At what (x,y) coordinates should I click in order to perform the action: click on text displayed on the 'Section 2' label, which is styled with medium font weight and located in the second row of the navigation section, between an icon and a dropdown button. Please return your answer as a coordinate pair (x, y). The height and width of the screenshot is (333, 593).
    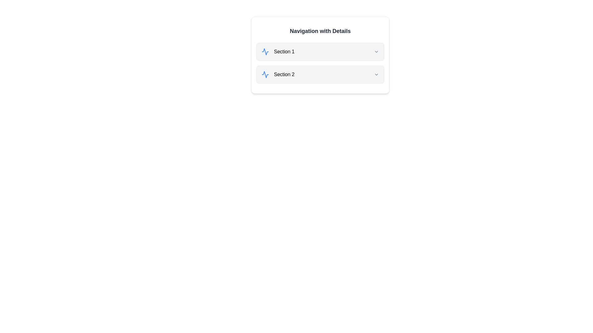
    Looking at the image, I should click on (284, 74).